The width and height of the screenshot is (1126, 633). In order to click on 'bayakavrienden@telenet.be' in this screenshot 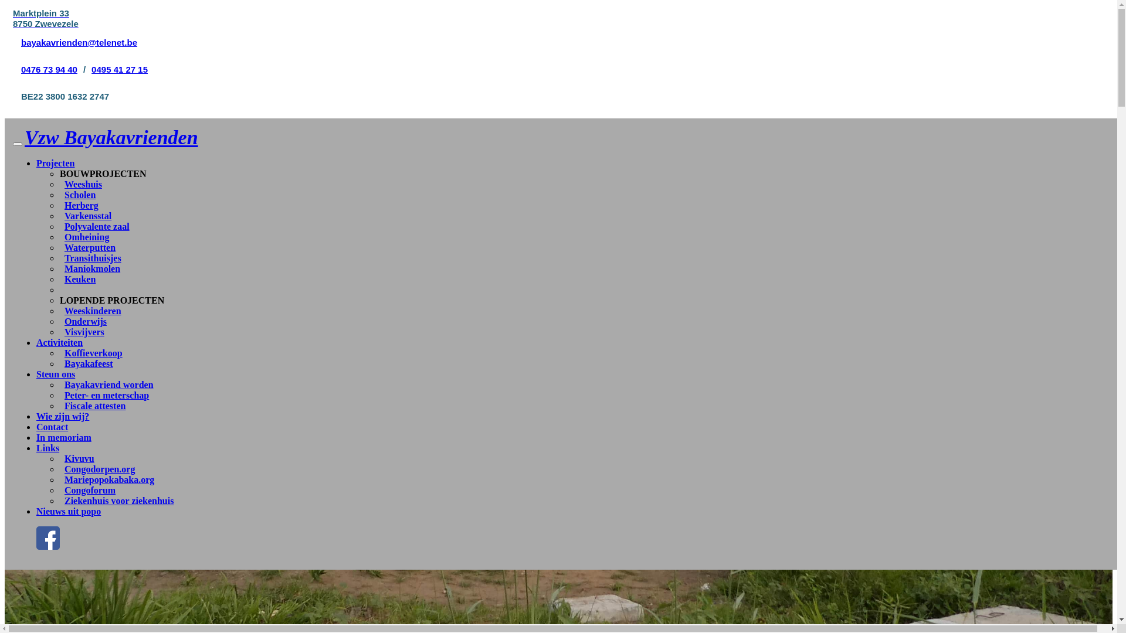, I will do `click(78, 42)`.